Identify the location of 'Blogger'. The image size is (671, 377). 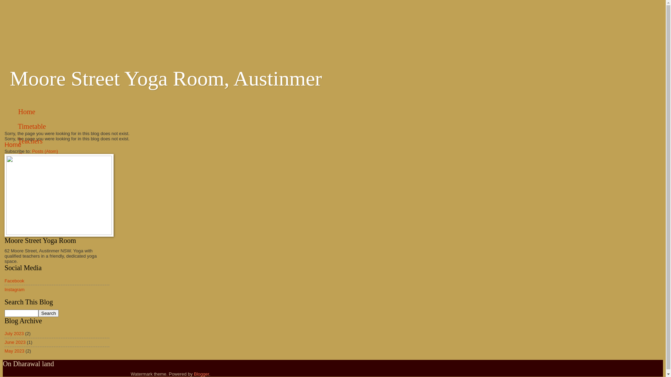
(201, 374).